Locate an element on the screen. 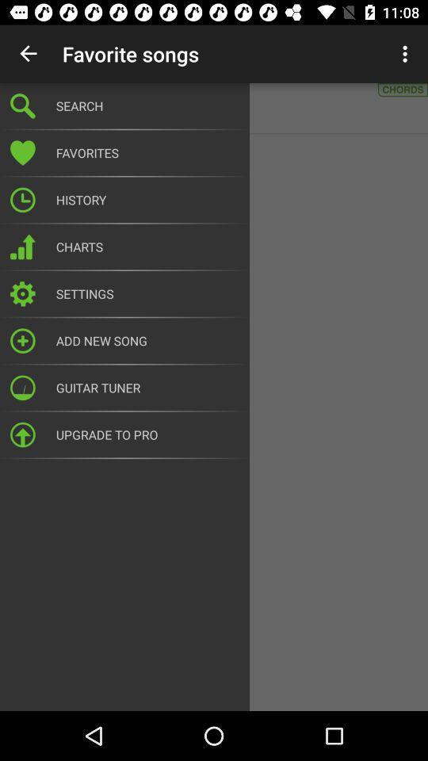 This screenshot has width=428, height=761. history icon is located at coordinates (147, 199).